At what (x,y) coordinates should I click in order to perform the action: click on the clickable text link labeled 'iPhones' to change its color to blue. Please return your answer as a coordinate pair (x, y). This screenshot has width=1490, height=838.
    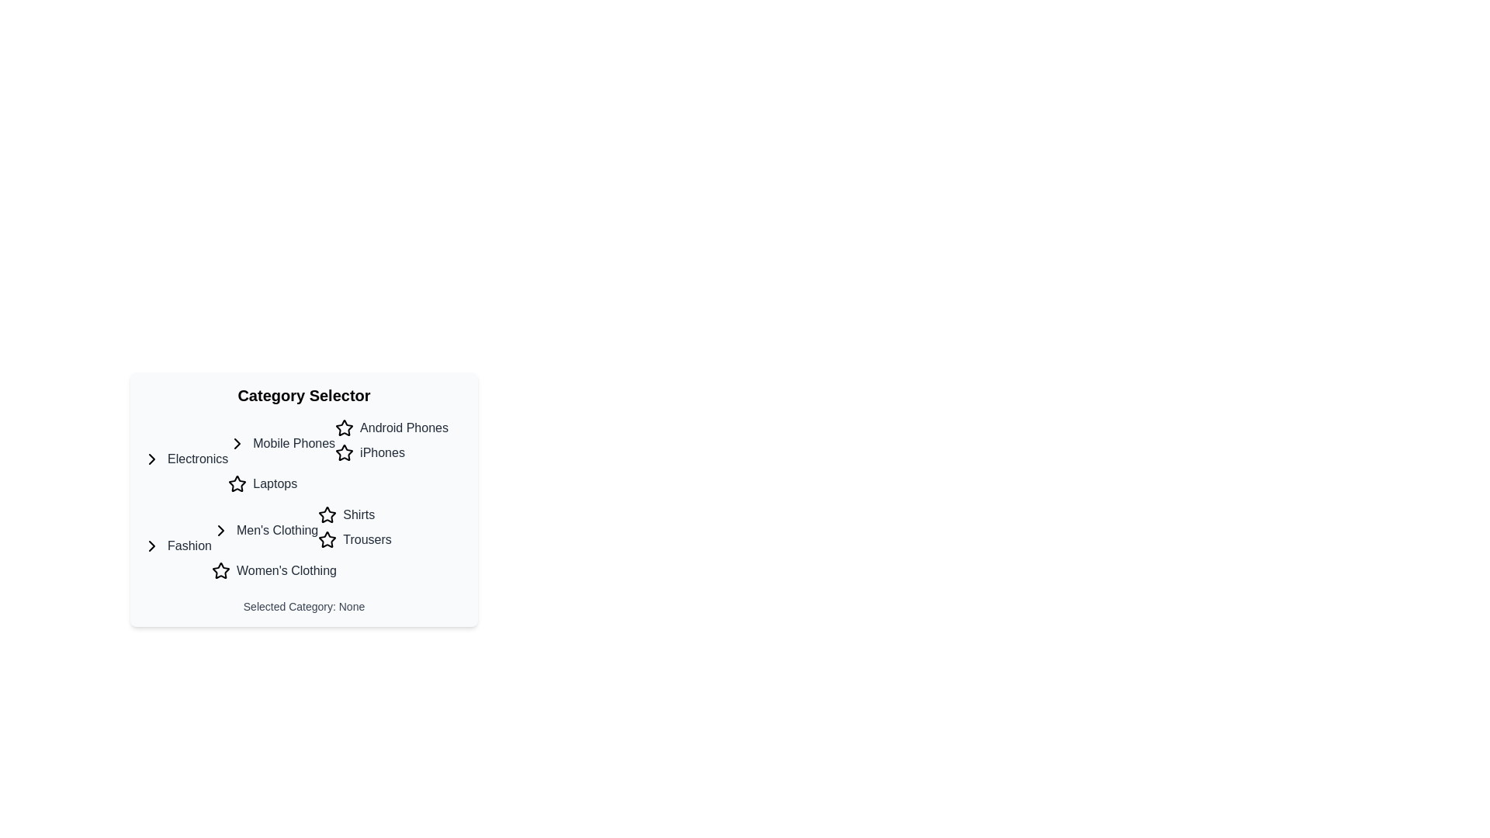
    Looking at the image, I should click on (383, 452).